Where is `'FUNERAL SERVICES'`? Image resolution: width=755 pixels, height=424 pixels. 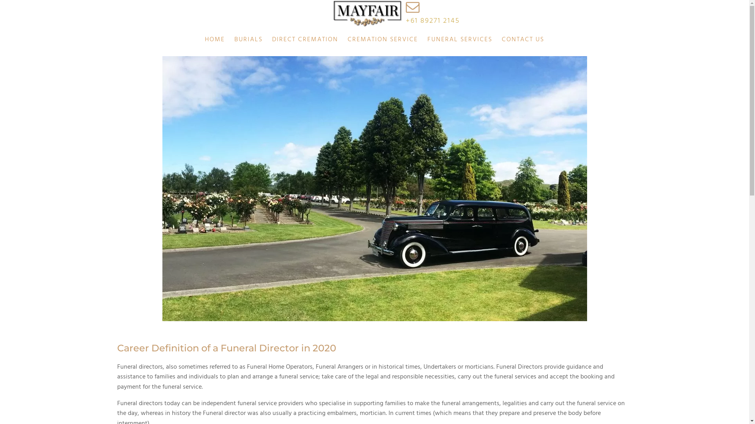 'FUNERAL SERVICES' is located at coordinates (422, 40).